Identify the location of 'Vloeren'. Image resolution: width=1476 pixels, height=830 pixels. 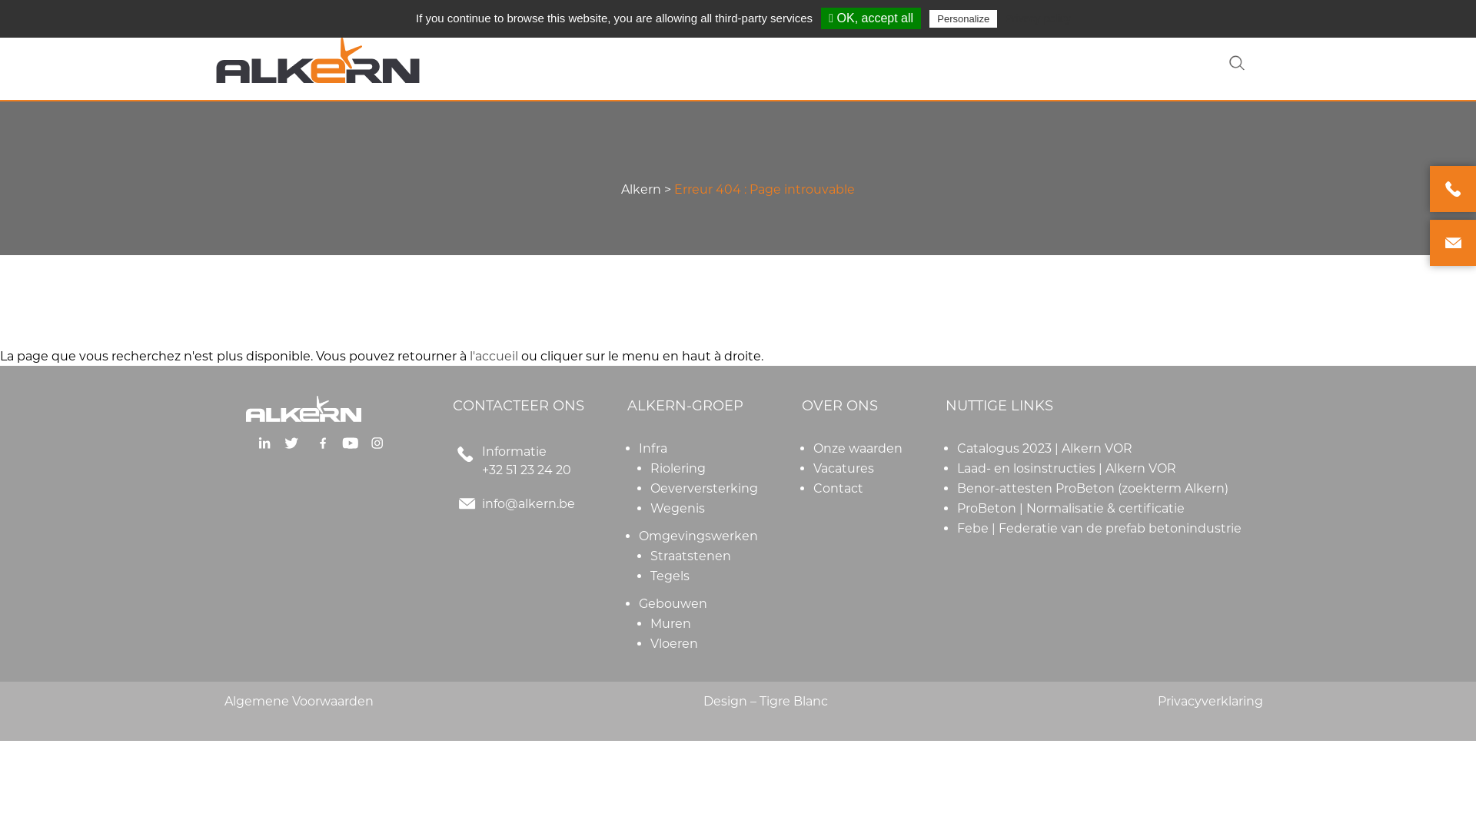
(650, 643).